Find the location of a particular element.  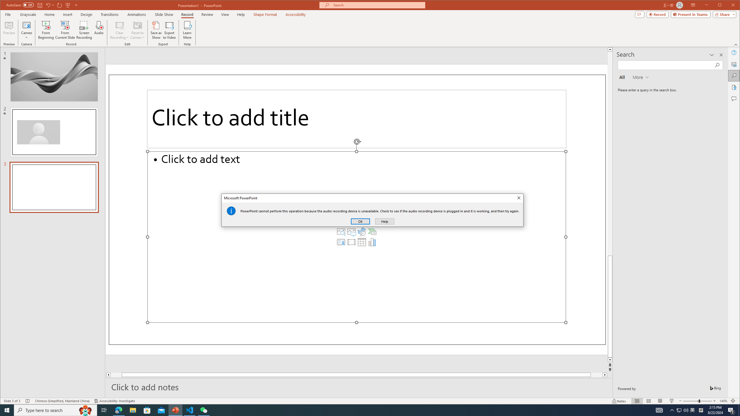

'Export to Video' is located at coordinates (170, 30).